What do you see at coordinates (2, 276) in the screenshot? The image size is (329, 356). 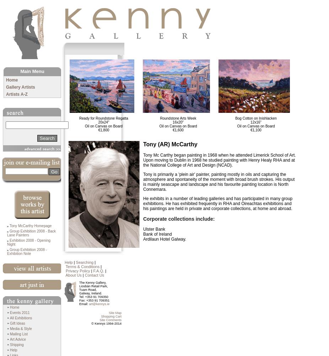 I see `'View All Artists'` at bounding box center [2, 276].